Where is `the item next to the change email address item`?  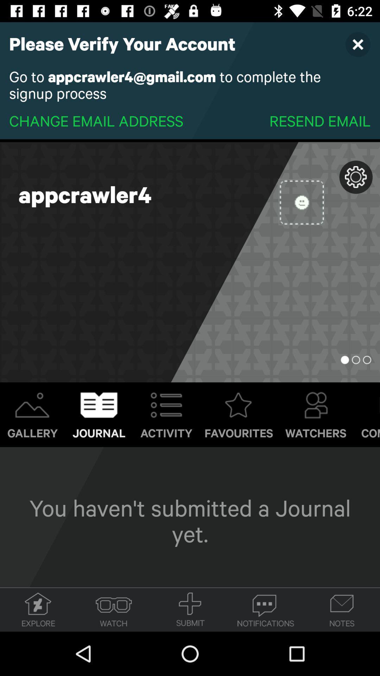
the item next to the change email address item is located at coordinates (320, 120).